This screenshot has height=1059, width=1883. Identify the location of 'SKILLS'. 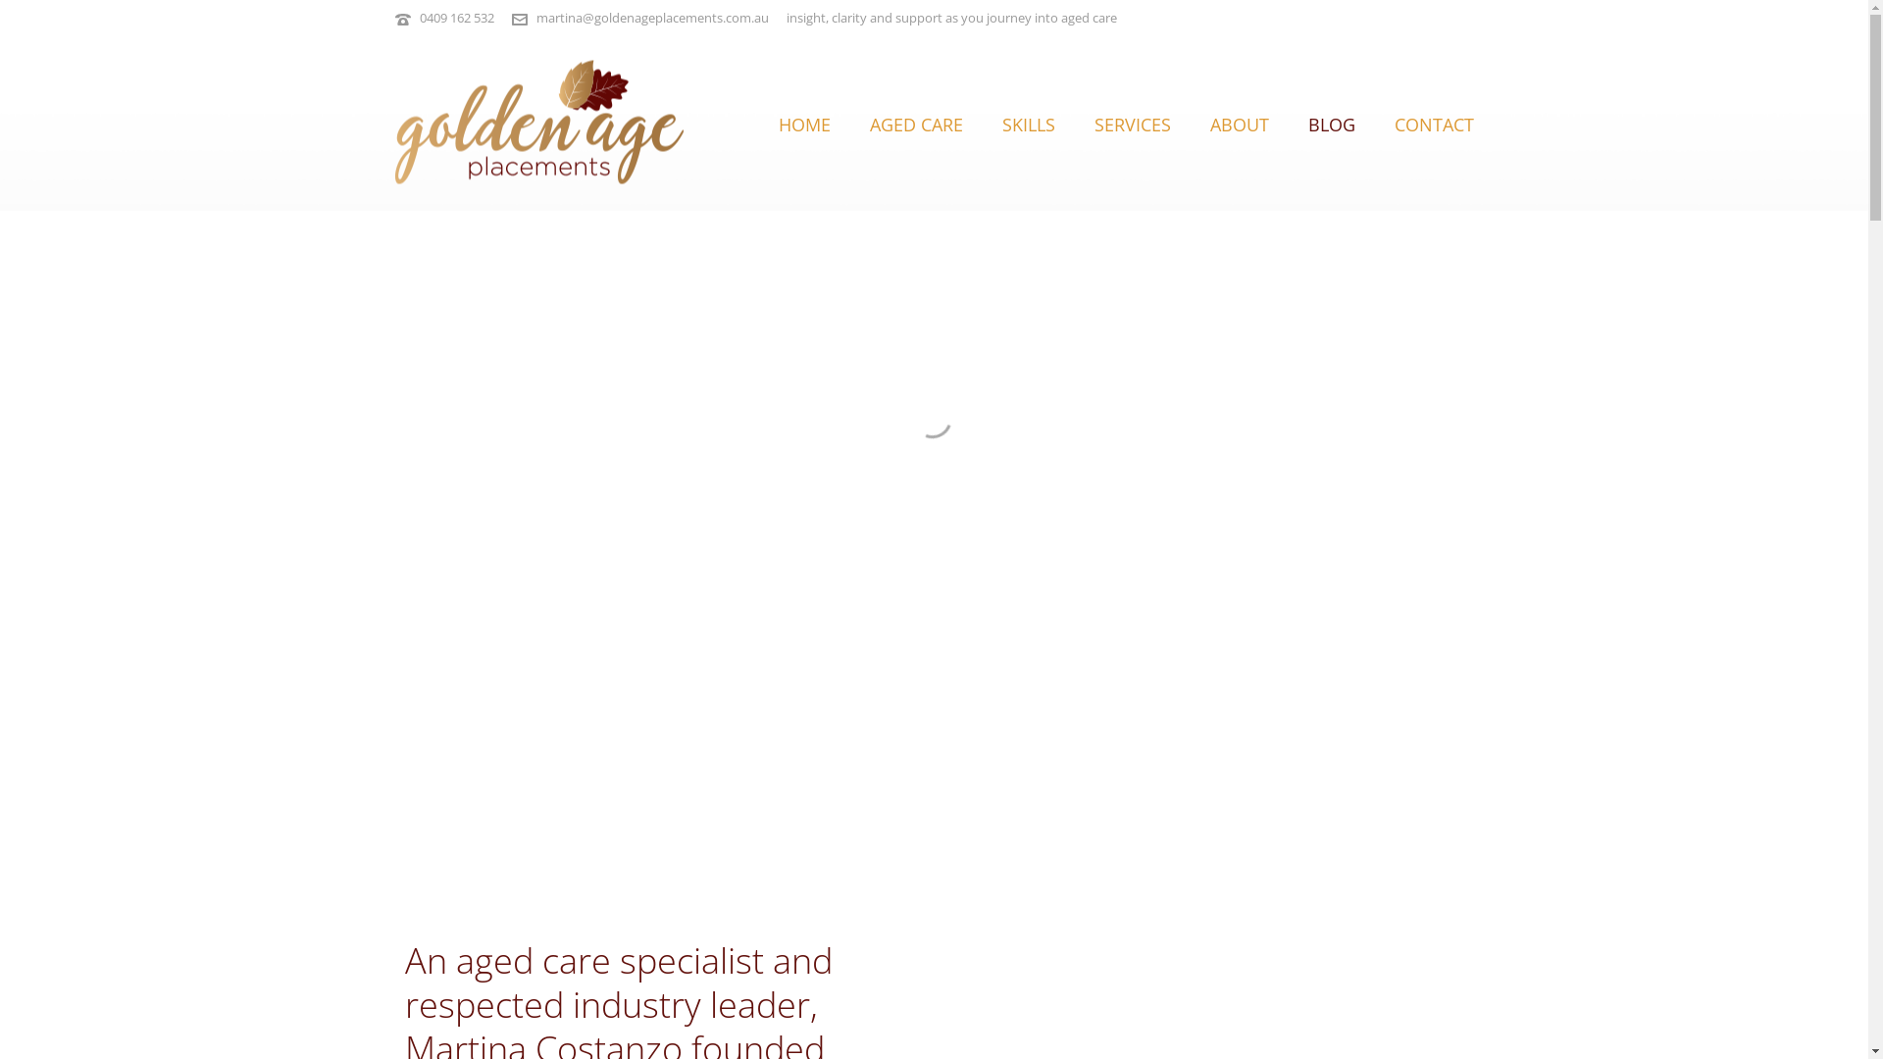
(1028, 122).